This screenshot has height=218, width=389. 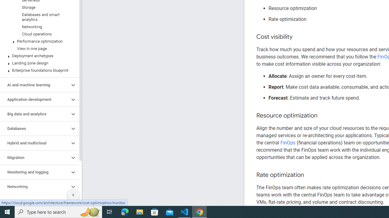 What do you see at coordinates (310, 175) in the screenshot?
I see `'Copy link to this section: Rate optimization'` at bounding box center [310, 175].